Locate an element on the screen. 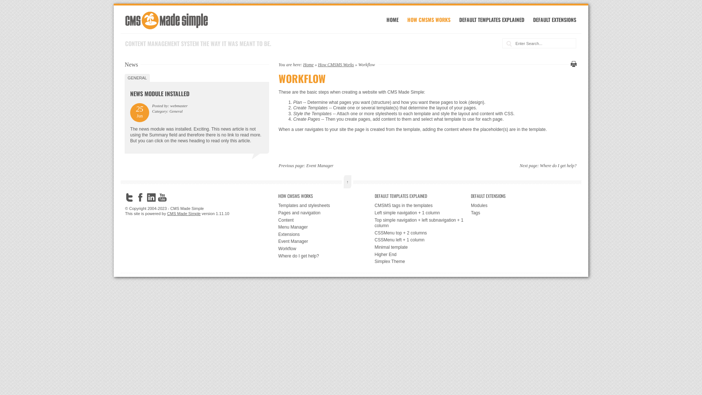 This screenshot has width=702, height=395. 'GENERAL' is located at coordinates (137, 78).